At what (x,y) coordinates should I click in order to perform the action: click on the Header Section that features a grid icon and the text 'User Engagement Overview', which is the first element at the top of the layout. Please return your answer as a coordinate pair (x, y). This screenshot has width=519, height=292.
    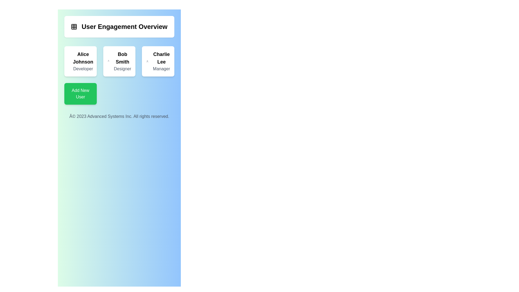
    Looking at the image, I should click on (119, 27).